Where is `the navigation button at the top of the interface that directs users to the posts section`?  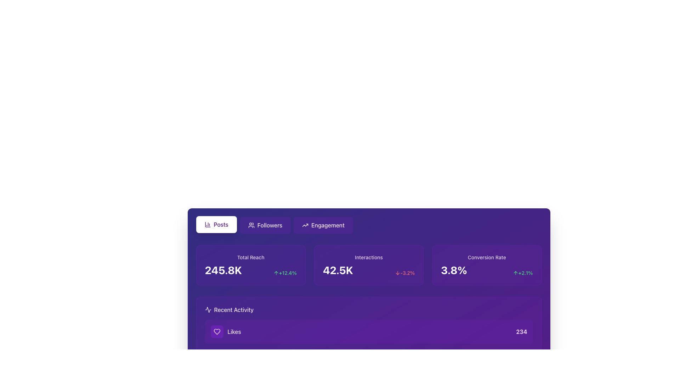 the navigation button at the top of the interface that directs users to the posts section is located at coordinates (216, 225).